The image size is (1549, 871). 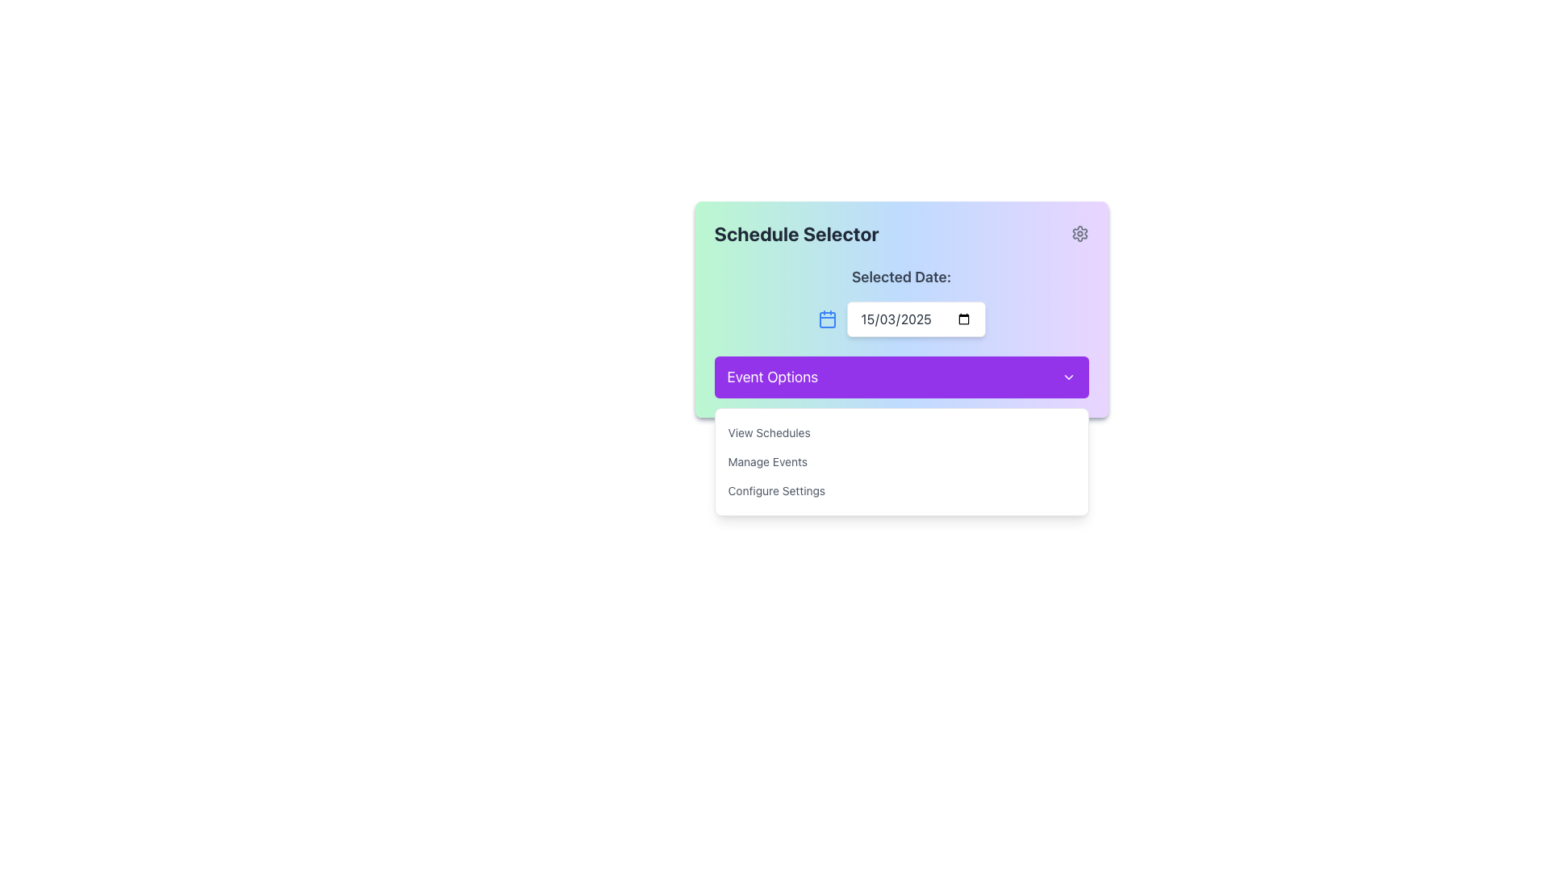 I want to click on the chevron icon located to the right of the 'Event Options' button to trigger tooltip or visual feedback, so click(x=1068, y=377).